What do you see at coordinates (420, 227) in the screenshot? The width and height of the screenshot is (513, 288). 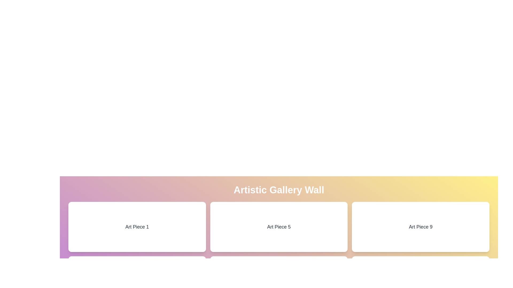 I see `the informational card representing 'Art Piece 9' located in the top-right section of the gallery grid` at bounding box center [420, 227].